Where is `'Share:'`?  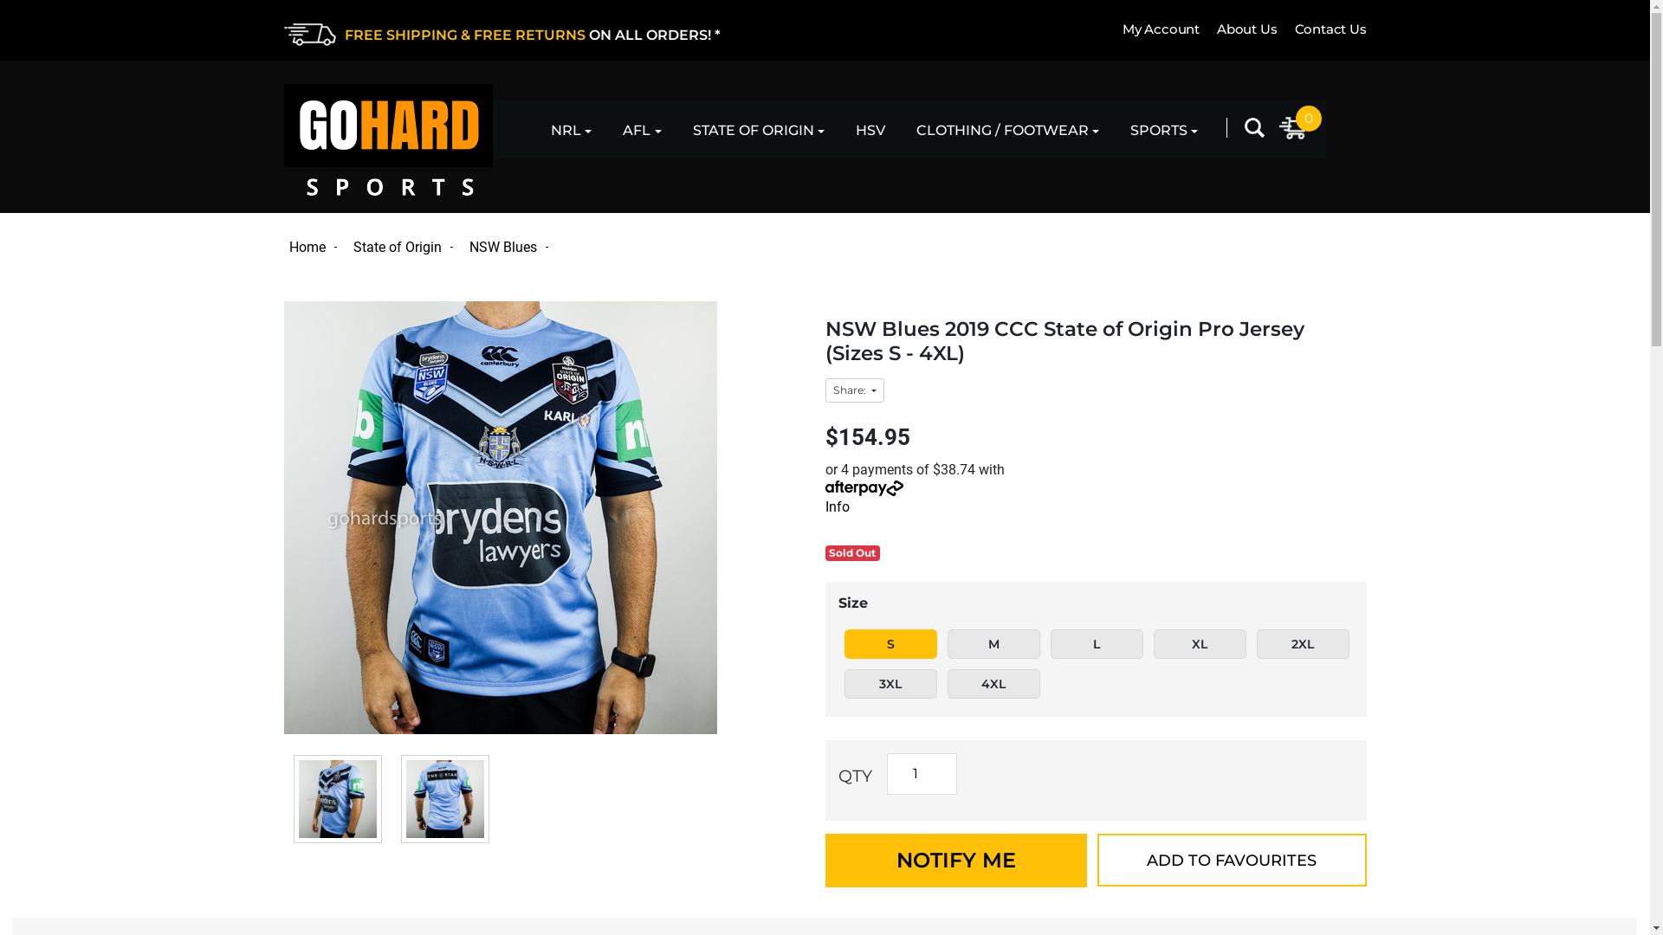 'Share:' is located at coordinates (853, 390).